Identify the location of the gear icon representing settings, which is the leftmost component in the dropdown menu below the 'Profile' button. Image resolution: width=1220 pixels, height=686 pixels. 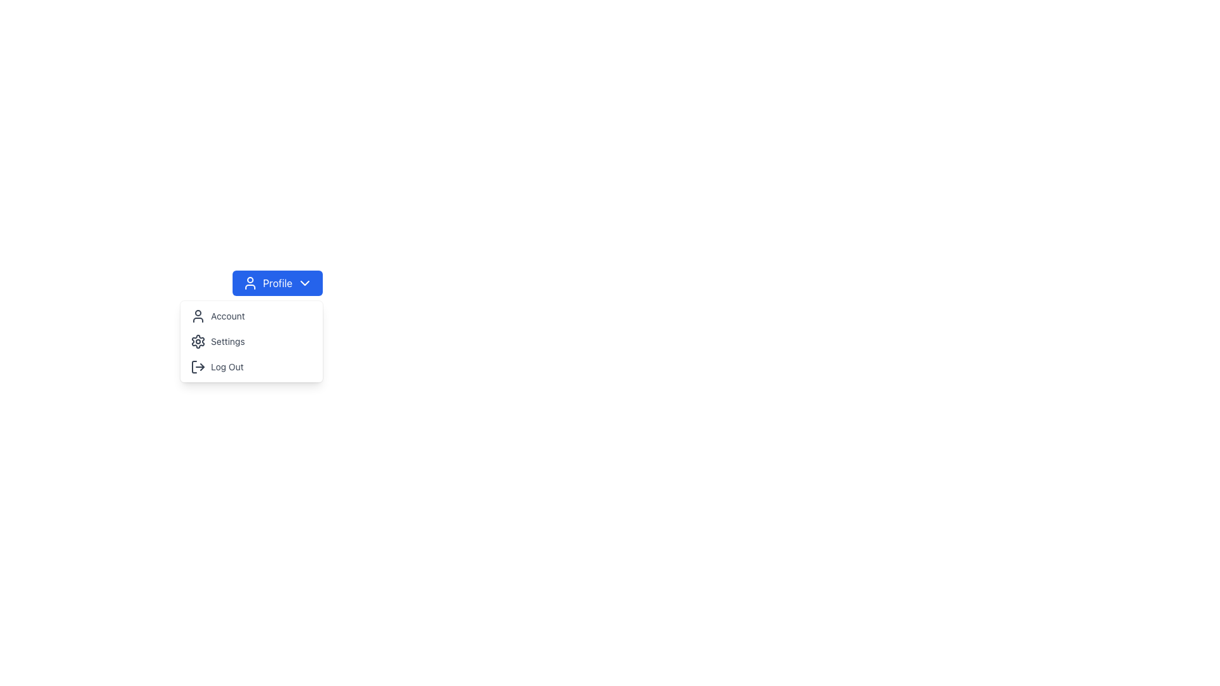
(198, 340).